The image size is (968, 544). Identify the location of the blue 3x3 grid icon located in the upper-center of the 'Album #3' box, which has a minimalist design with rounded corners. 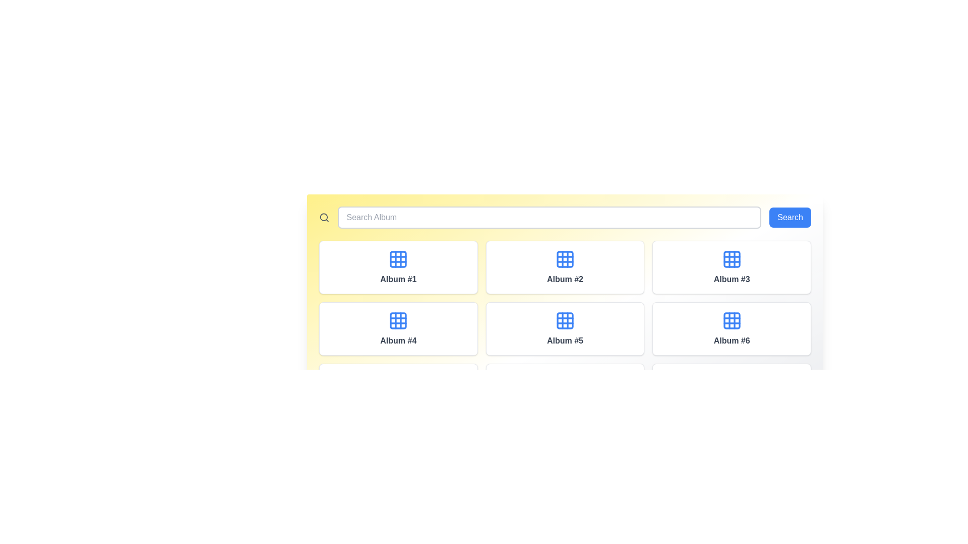
(732, 259).